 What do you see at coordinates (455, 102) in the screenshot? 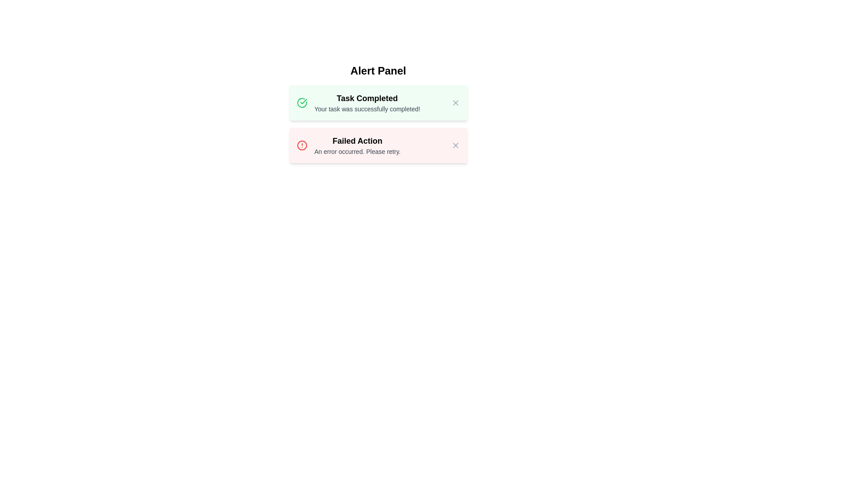
I see `the close button located at the top right corner of the 'Task Completed' notification box, which has a gray color that darkens on hover` at bounding box center [455, 102].